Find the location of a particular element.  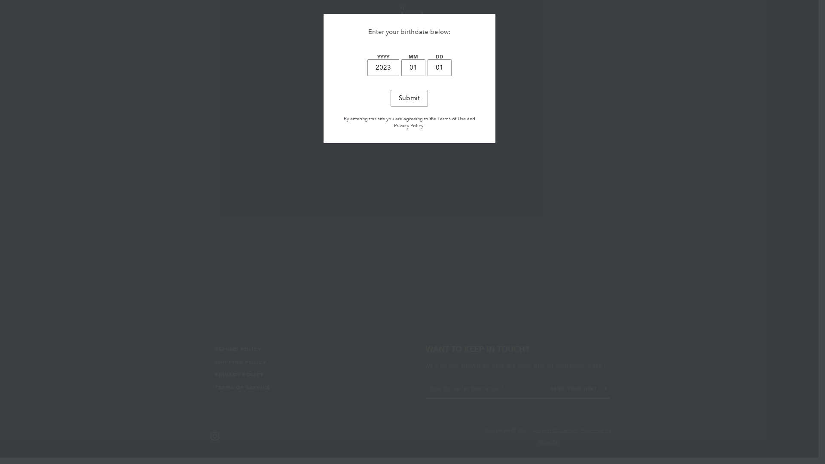

'VIEW CART' is located at coordinates (603, 17).